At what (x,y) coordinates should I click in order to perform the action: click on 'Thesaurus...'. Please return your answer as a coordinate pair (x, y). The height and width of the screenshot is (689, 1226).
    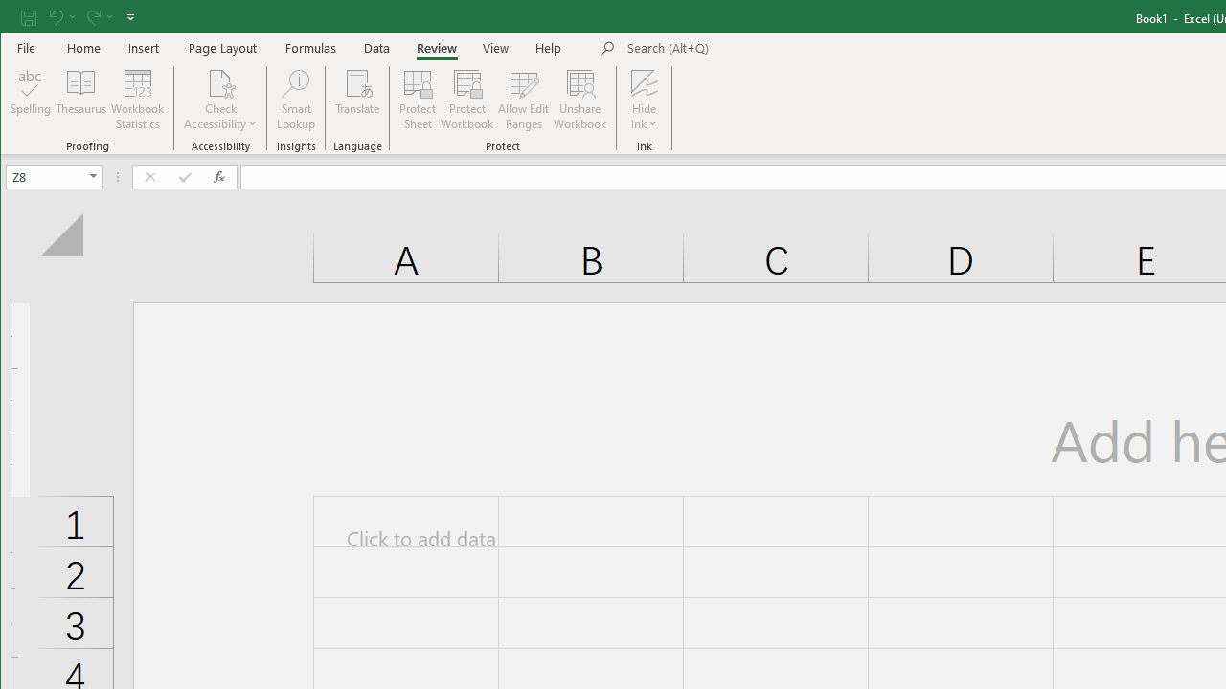
    Looking at the image, I should click on (80, 100).